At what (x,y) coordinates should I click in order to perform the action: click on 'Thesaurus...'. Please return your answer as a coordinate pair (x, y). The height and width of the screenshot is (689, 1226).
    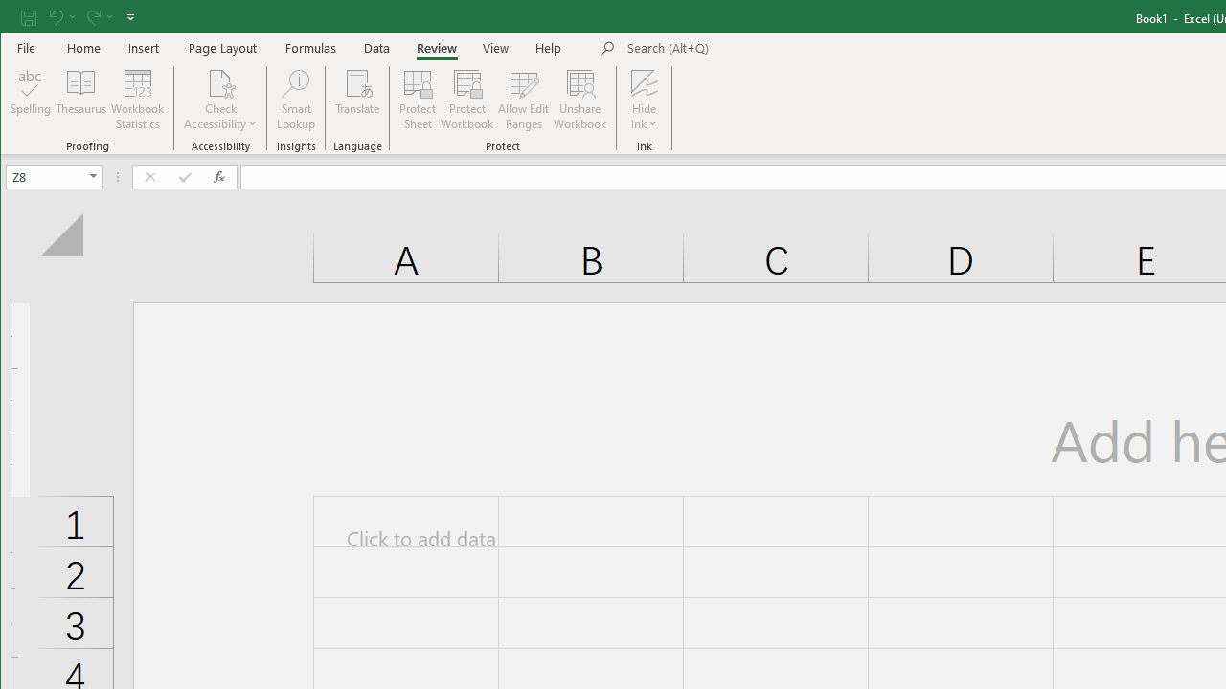
    Looking at the image, I should click on (80, 100).